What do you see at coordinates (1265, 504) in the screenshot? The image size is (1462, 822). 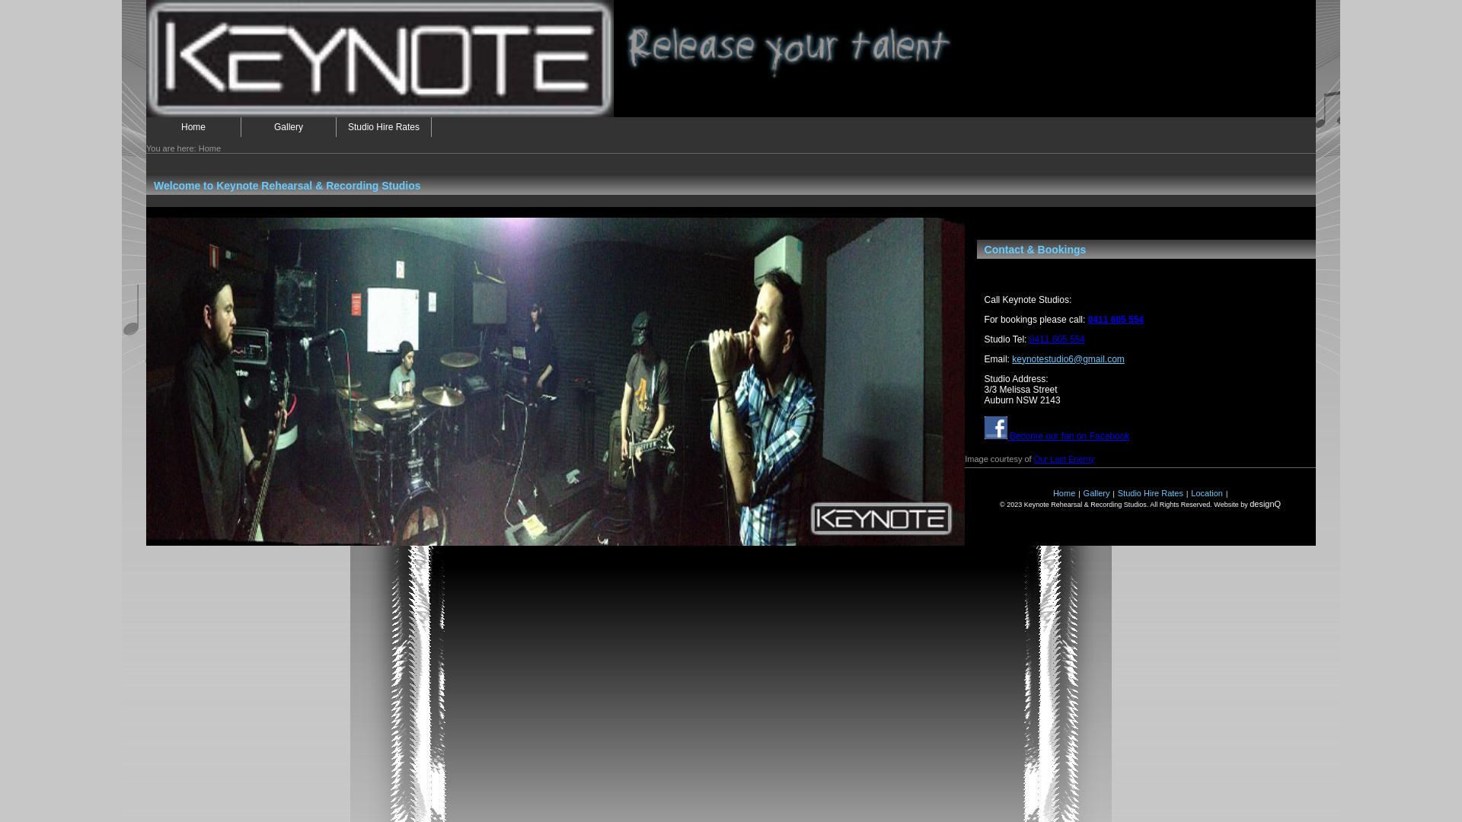 I see `'designQ'` at bounding box center [1265, 504].